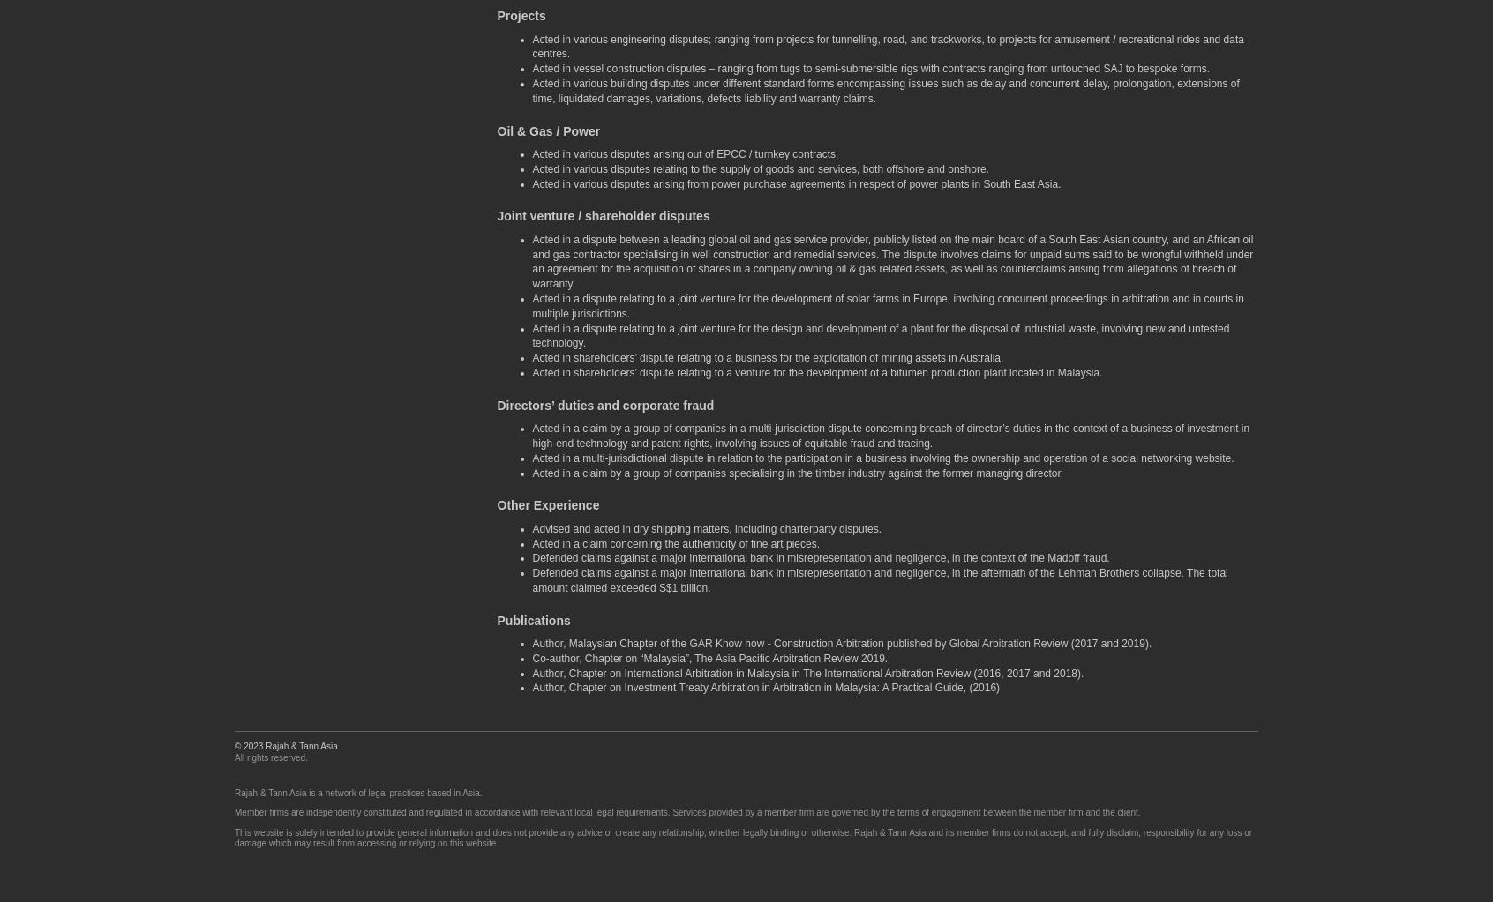  What do you see at coordinates (674, 542) in the screenshot?
I see `'Acted in a claim concerning the authenticity of fine art pieces.'` at bounding box center [674, 542].